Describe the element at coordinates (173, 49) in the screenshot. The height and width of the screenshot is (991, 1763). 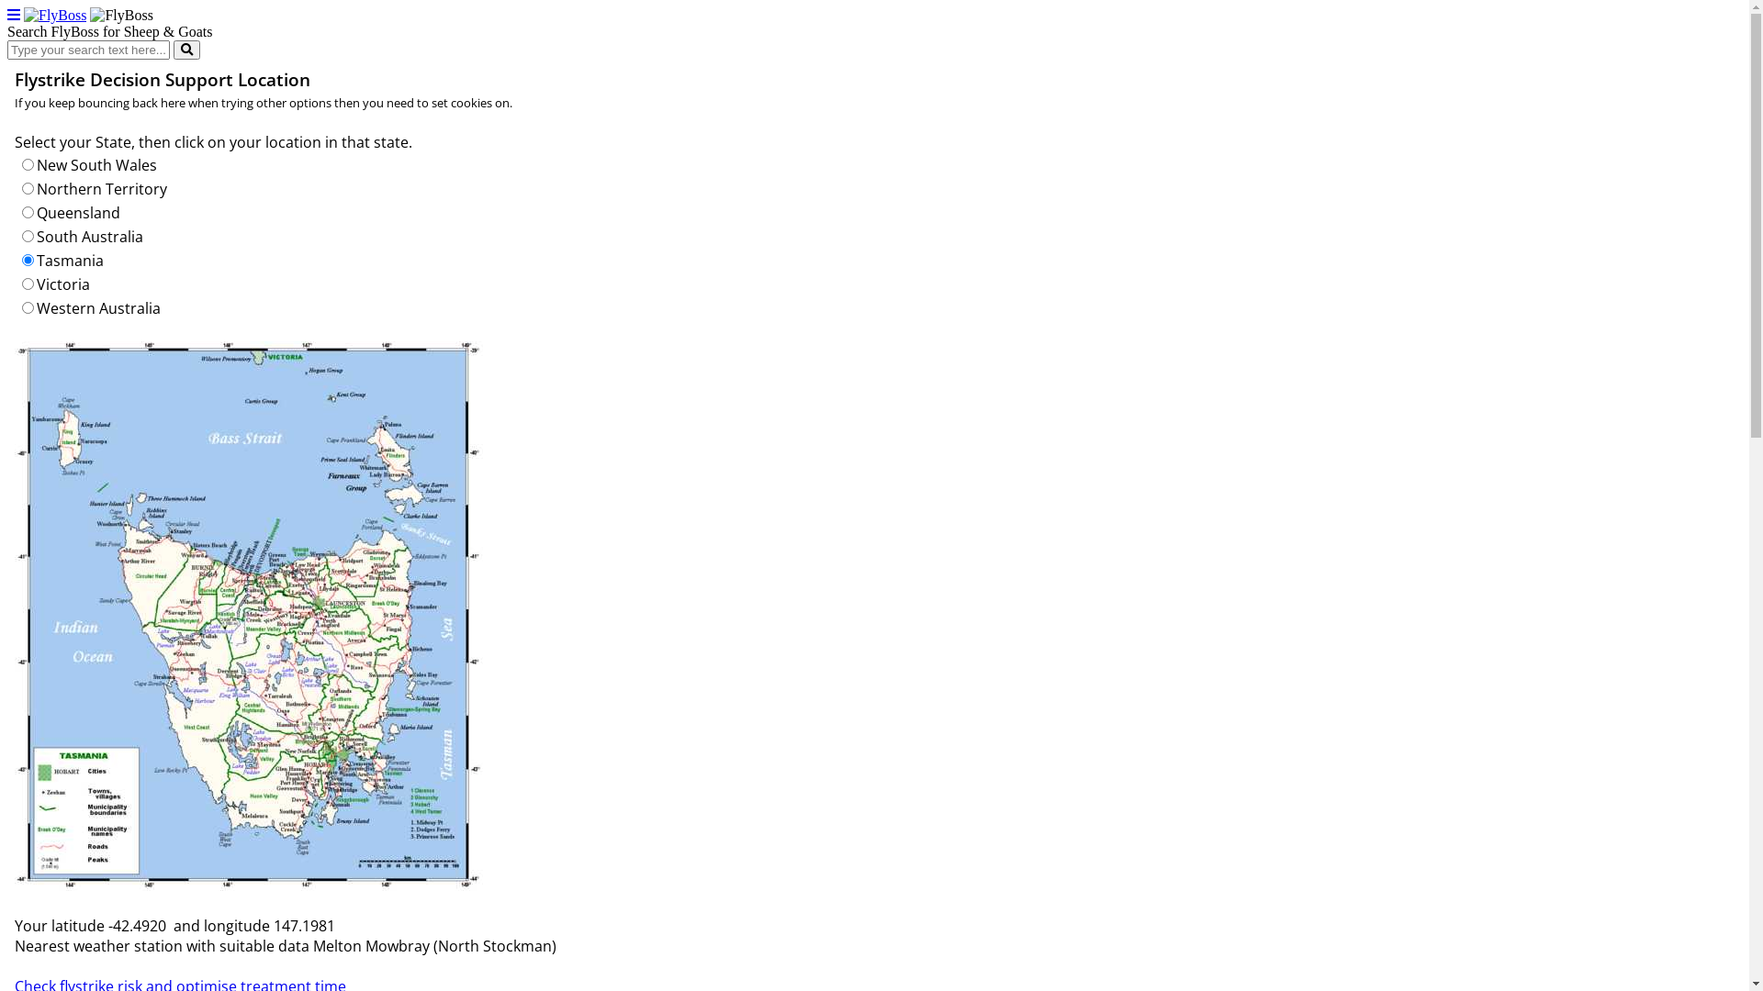
I see `'search'` at that location.